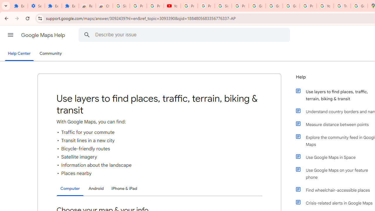  Describe the element at coordinates (172, 6) in the screenshot. I see `'YouTube'` at that location.